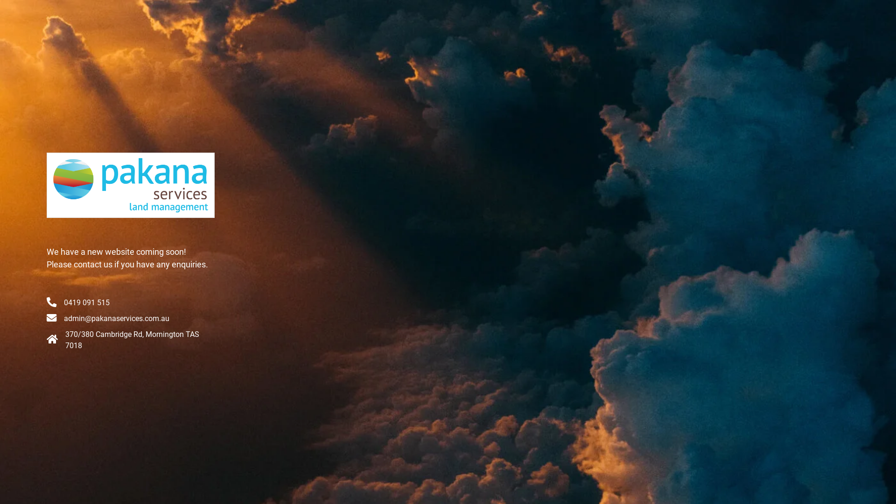 The height and width of the screenshot is (504, 896). Describe the element at coordinates (132, 340) in the screenshot. I see `'370/380 Cambridge Rd, Mornington TAS 7018'` at that location.